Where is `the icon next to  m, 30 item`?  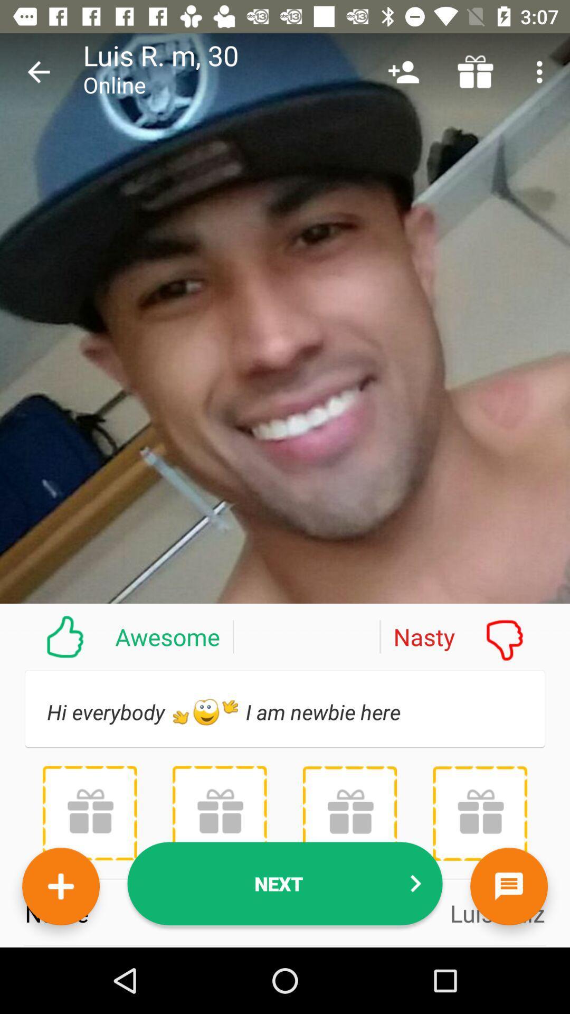
the icon next to  m, 30 item is located at coordinates (403, 71).